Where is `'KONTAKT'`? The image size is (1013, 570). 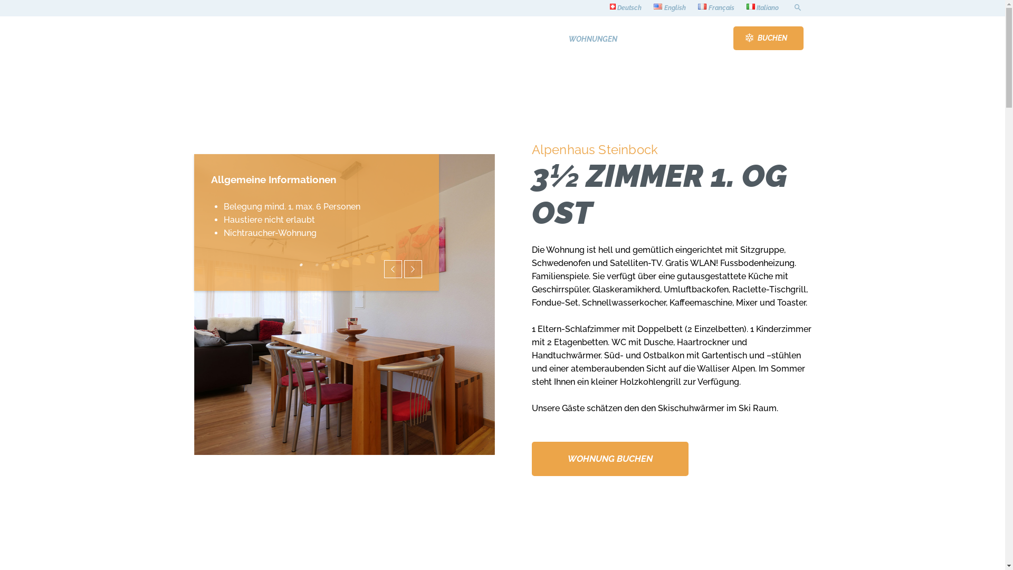
'KONTAKT' is located at coordinates (673, 38).